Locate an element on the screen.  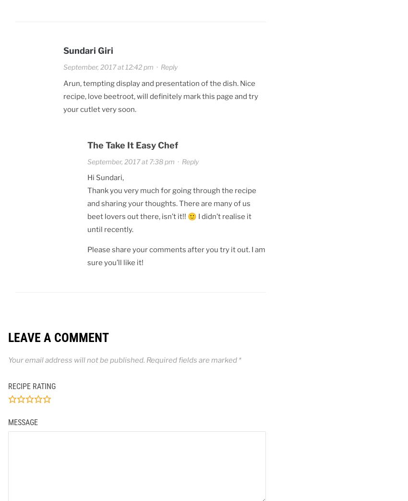
'*' is located at coordinates (240, 359).